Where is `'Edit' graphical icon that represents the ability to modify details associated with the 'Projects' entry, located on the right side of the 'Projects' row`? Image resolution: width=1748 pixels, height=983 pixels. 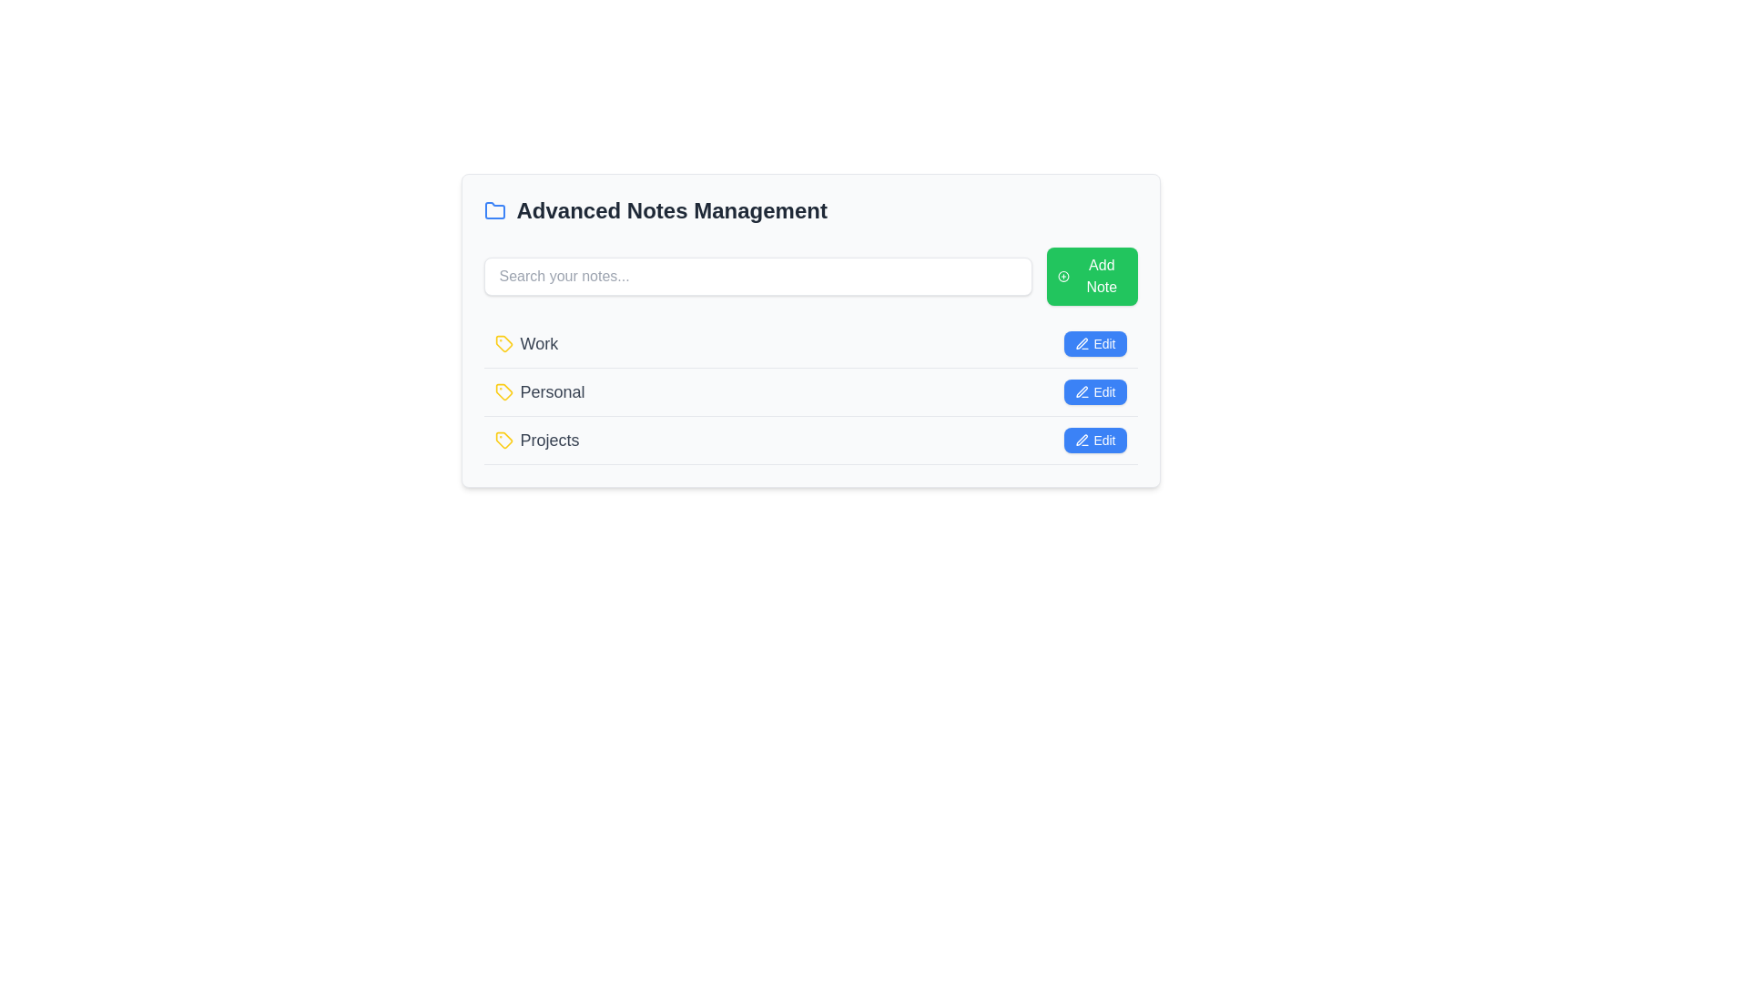
'Edit' graphical icon that represents the ability to modify details associated with the 'Projects' entry, located on the right side of the 'Projects' row is located at coordinates (1082, 440).